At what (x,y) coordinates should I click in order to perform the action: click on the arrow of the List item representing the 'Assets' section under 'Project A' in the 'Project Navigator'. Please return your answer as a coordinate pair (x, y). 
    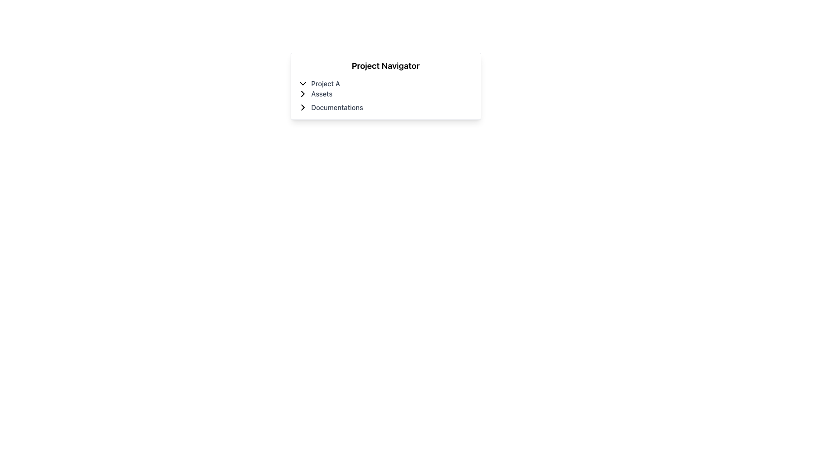
    Looking at the image, I should click on (385, 88).